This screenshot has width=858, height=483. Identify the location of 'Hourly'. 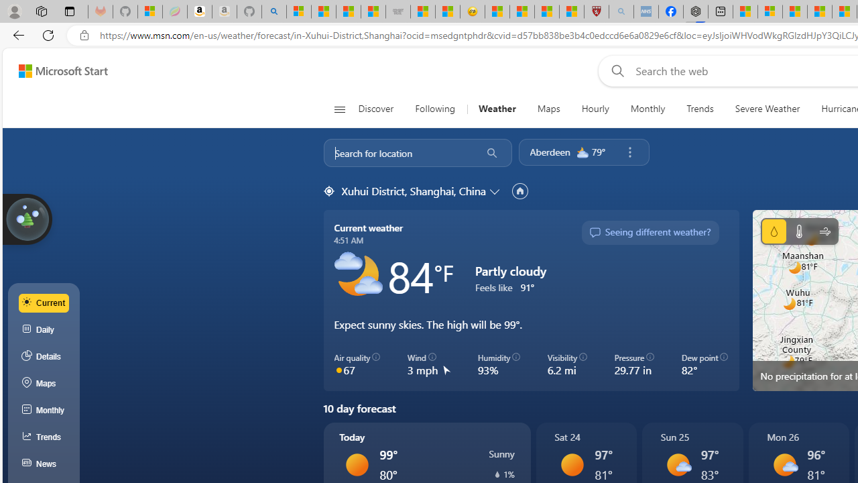
(595, 109).